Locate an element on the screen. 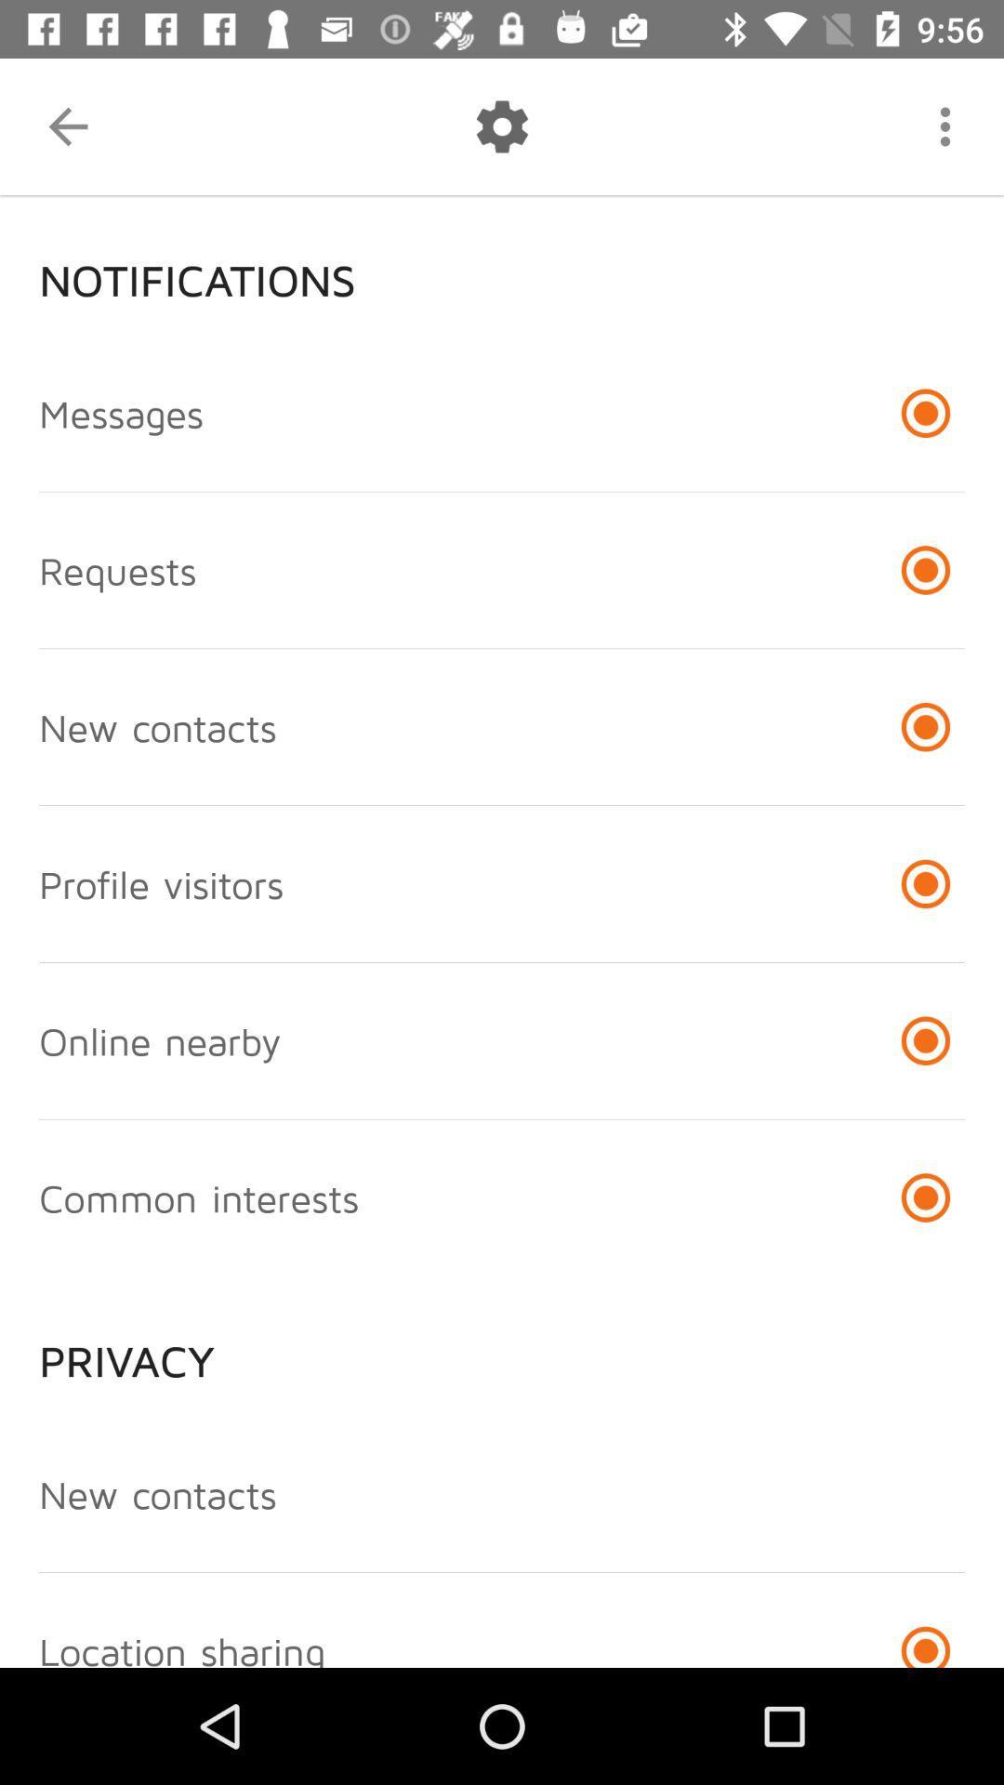  the requests is located at coordinates (117, 569).